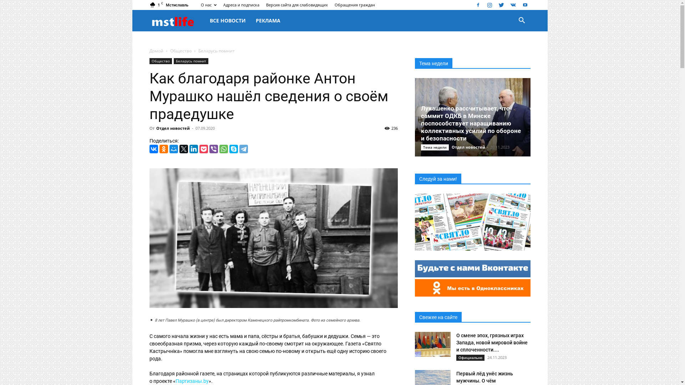  Describe the element at coordinates (193, 148) in the screenshot. I see `'LinkedIn'` at that location.